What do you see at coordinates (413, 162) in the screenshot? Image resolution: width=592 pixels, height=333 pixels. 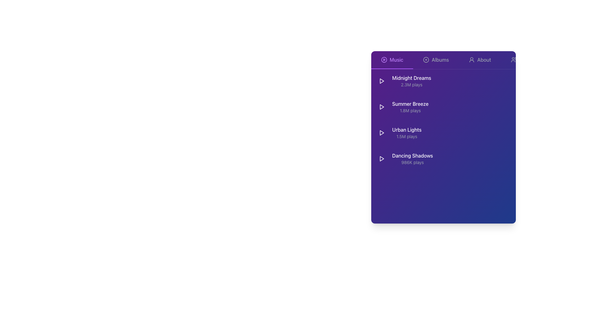 I see `the text label displaying '986K plays' located beneath the title 'Dancing Shadows' in the music playlist` at bounding box center [413, 162].